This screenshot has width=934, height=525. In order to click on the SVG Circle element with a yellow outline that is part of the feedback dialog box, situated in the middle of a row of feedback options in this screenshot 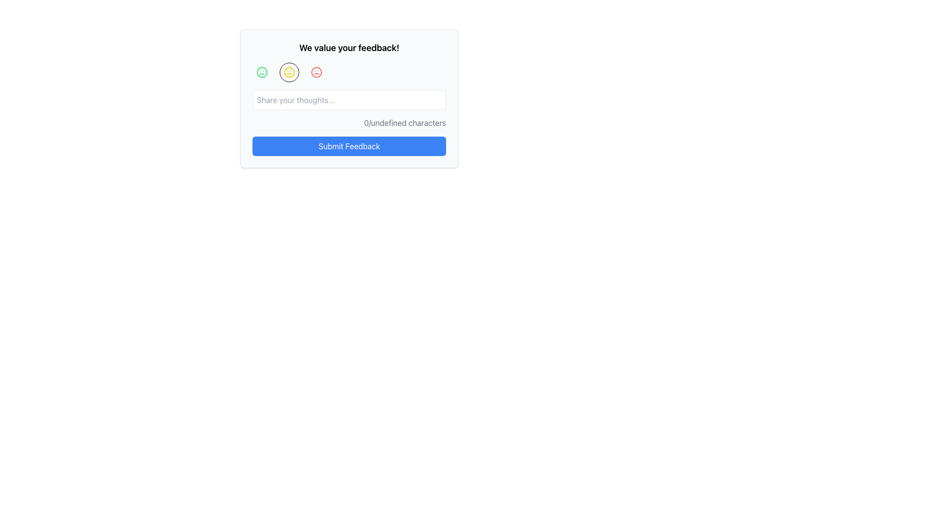, I will do `click(289, 72)`.